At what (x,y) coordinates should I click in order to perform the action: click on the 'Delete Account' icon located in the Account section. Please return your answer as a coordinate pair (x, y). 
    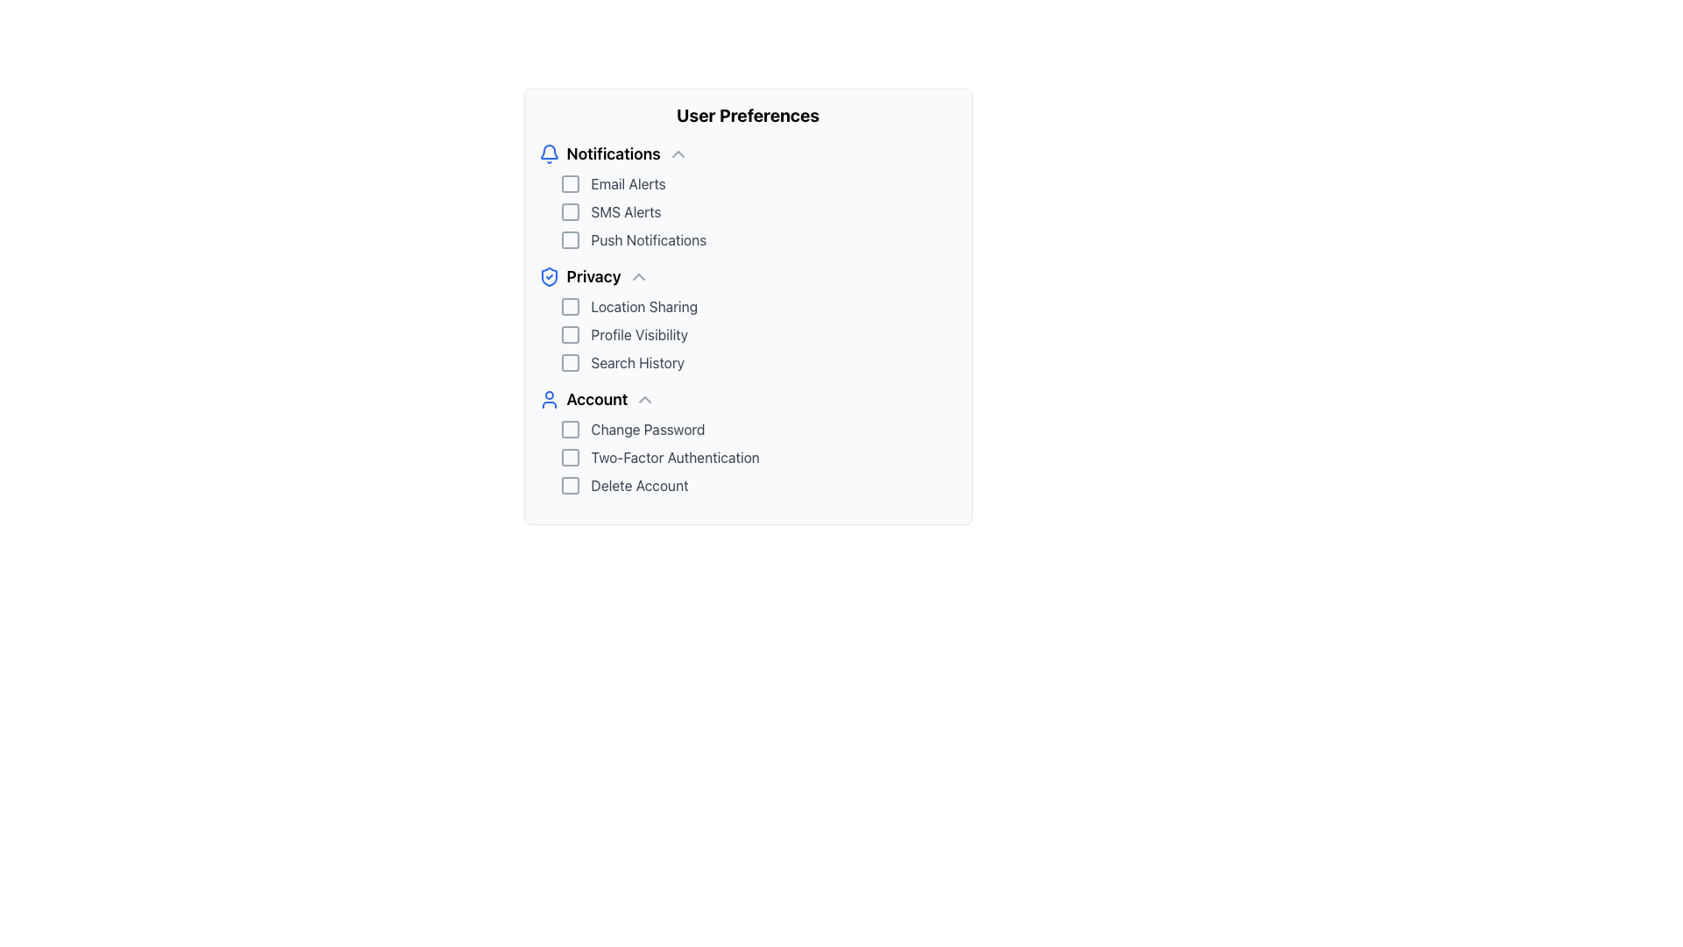
    Looking at the image, I should click on (570, 486).